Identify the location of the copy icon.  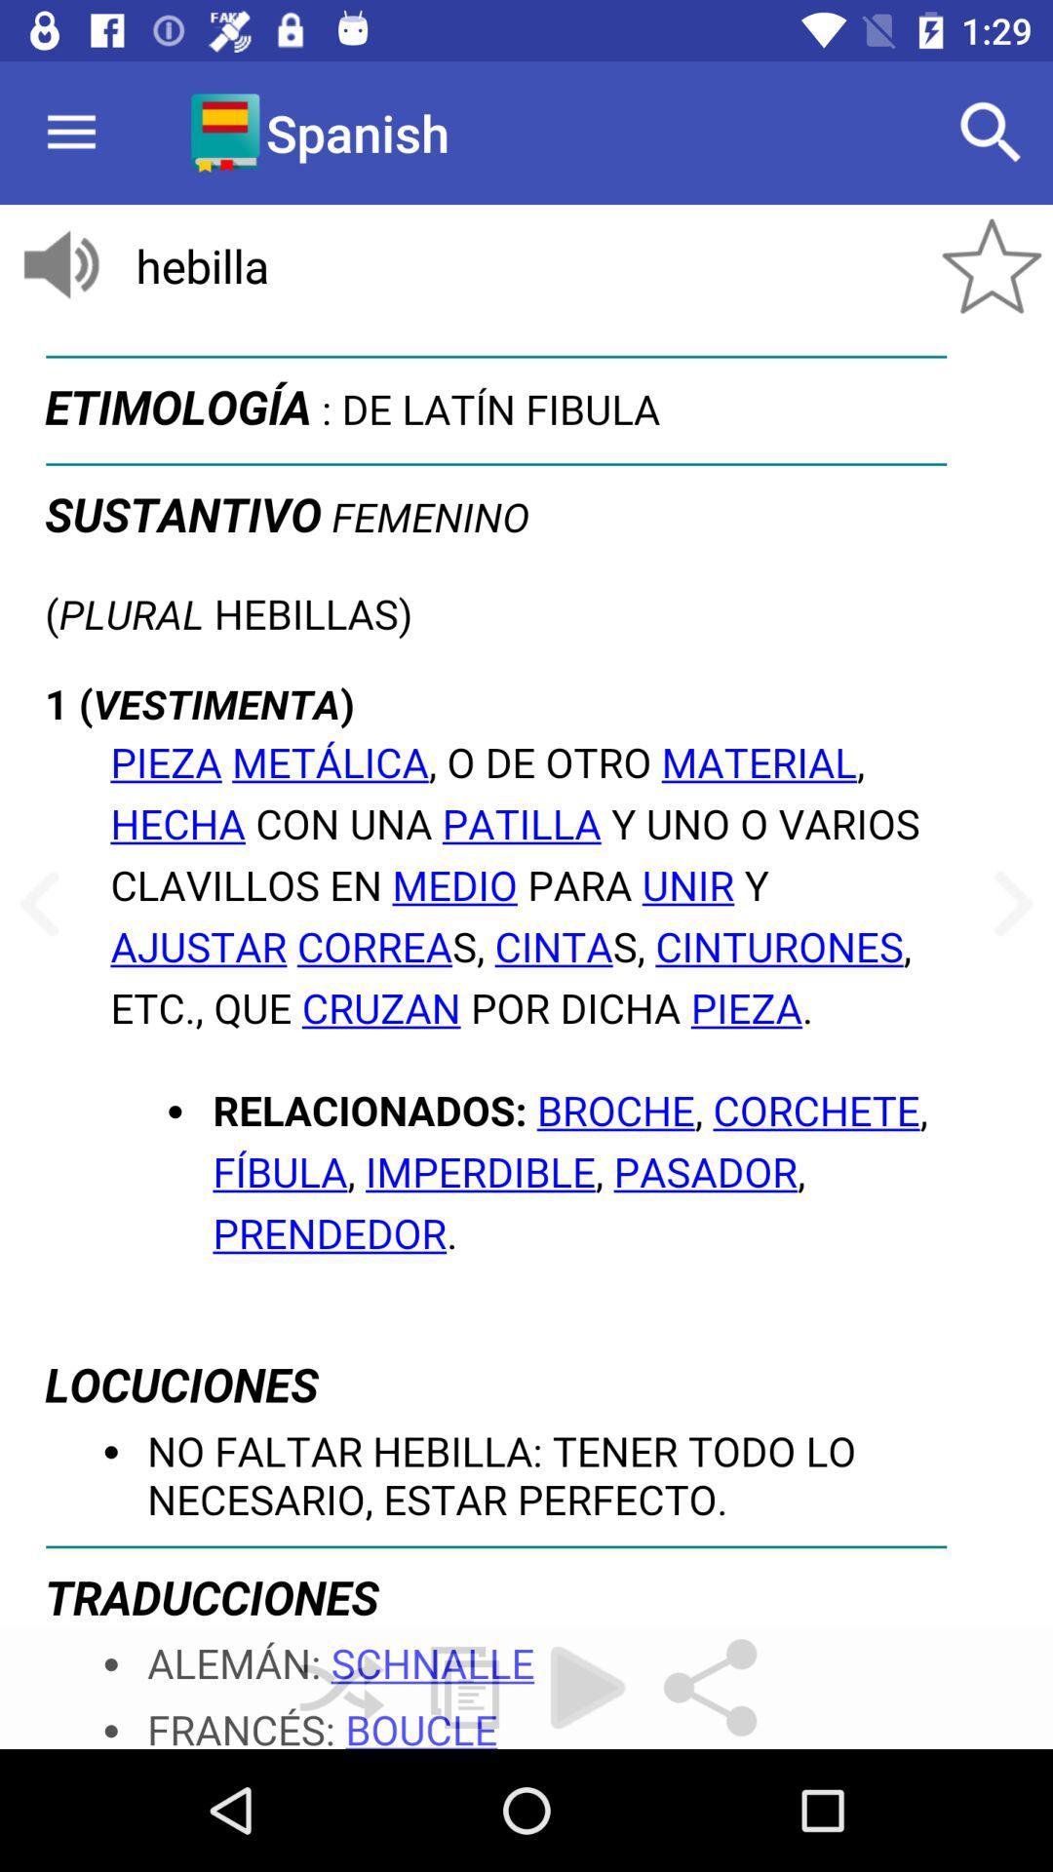
(465, 1687).